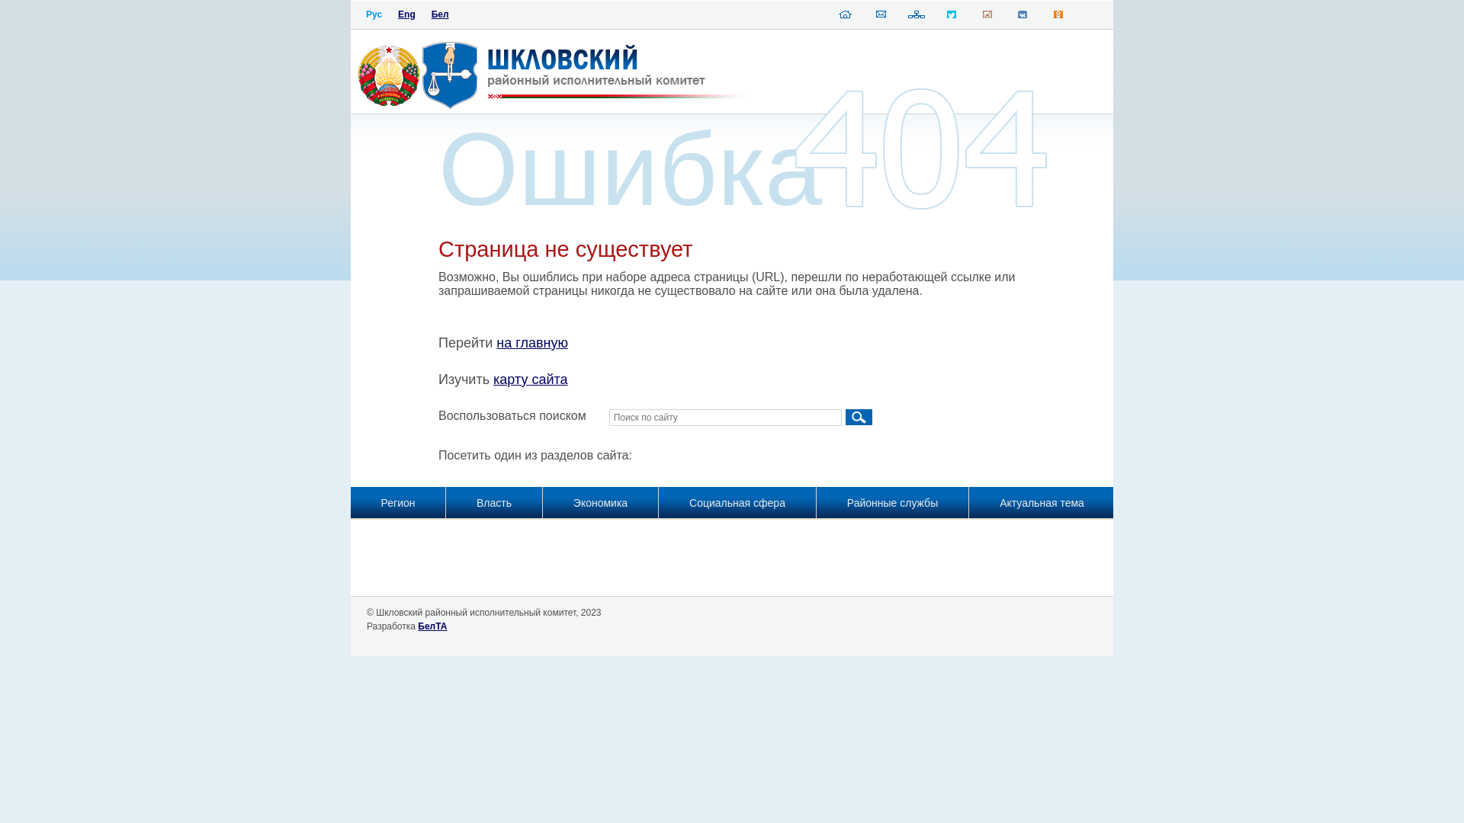  What do you see at coordinates (406, 14) in the screenshot?
I see `'Eng'` at bounding box center [406, 14].